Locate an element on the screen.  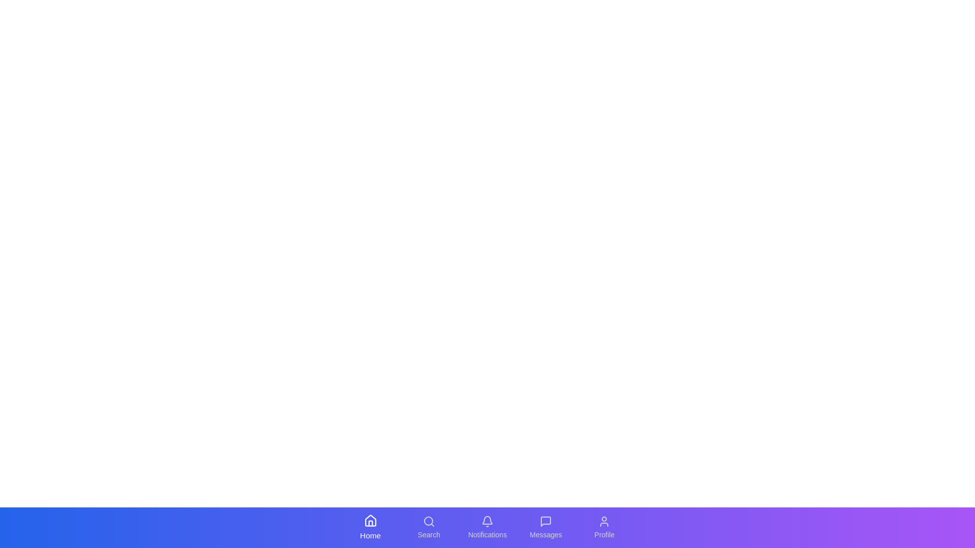
the tab labeled Search in the bottom navigation bar is located at coordinates (429, 527).